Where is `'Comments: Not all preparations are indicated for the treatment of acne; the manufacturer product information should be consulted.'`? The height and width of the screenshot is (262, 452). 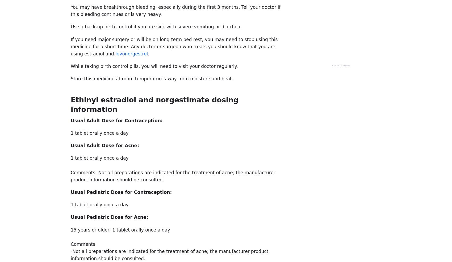 'Comments: Not all preparations are indicated for the treatment of acne; the manufacturer product information should be consulted.' is located at coordinates (71, 176).